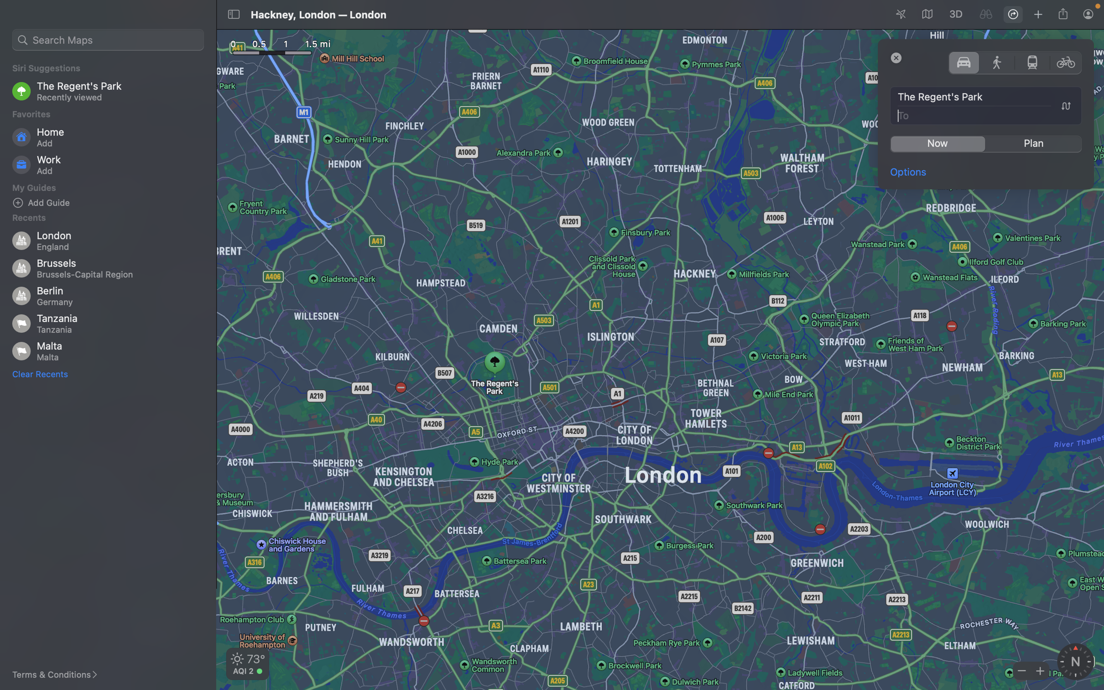 This screenshot has height=690, width=1104. Describe the element at coordinates (937, 144) in the screenshot. I see `the navigation operations by pressing the "go now" button` at that location.